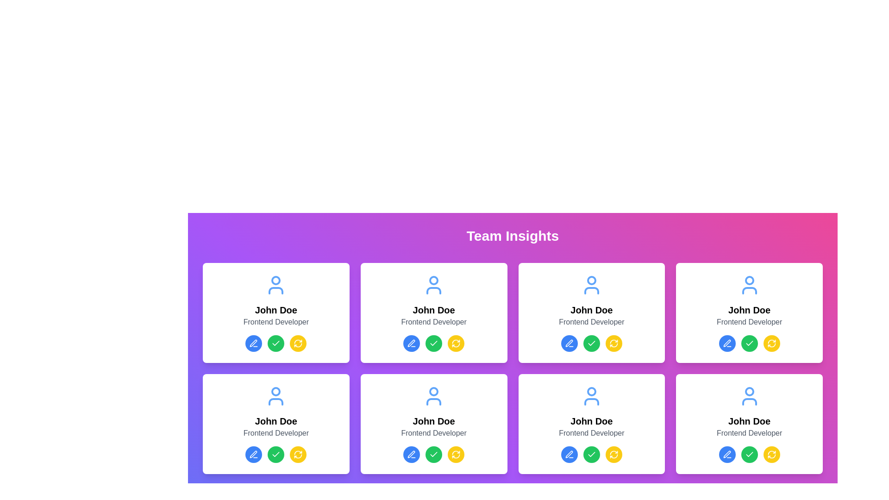  Describe the element at coordinates (254, 454) in the screenshot. I see `the circular blue button with a white pen icon, located at the bottom-left of the user card in the second row and first column of the grid, to enable keyboard interaction` at that location.